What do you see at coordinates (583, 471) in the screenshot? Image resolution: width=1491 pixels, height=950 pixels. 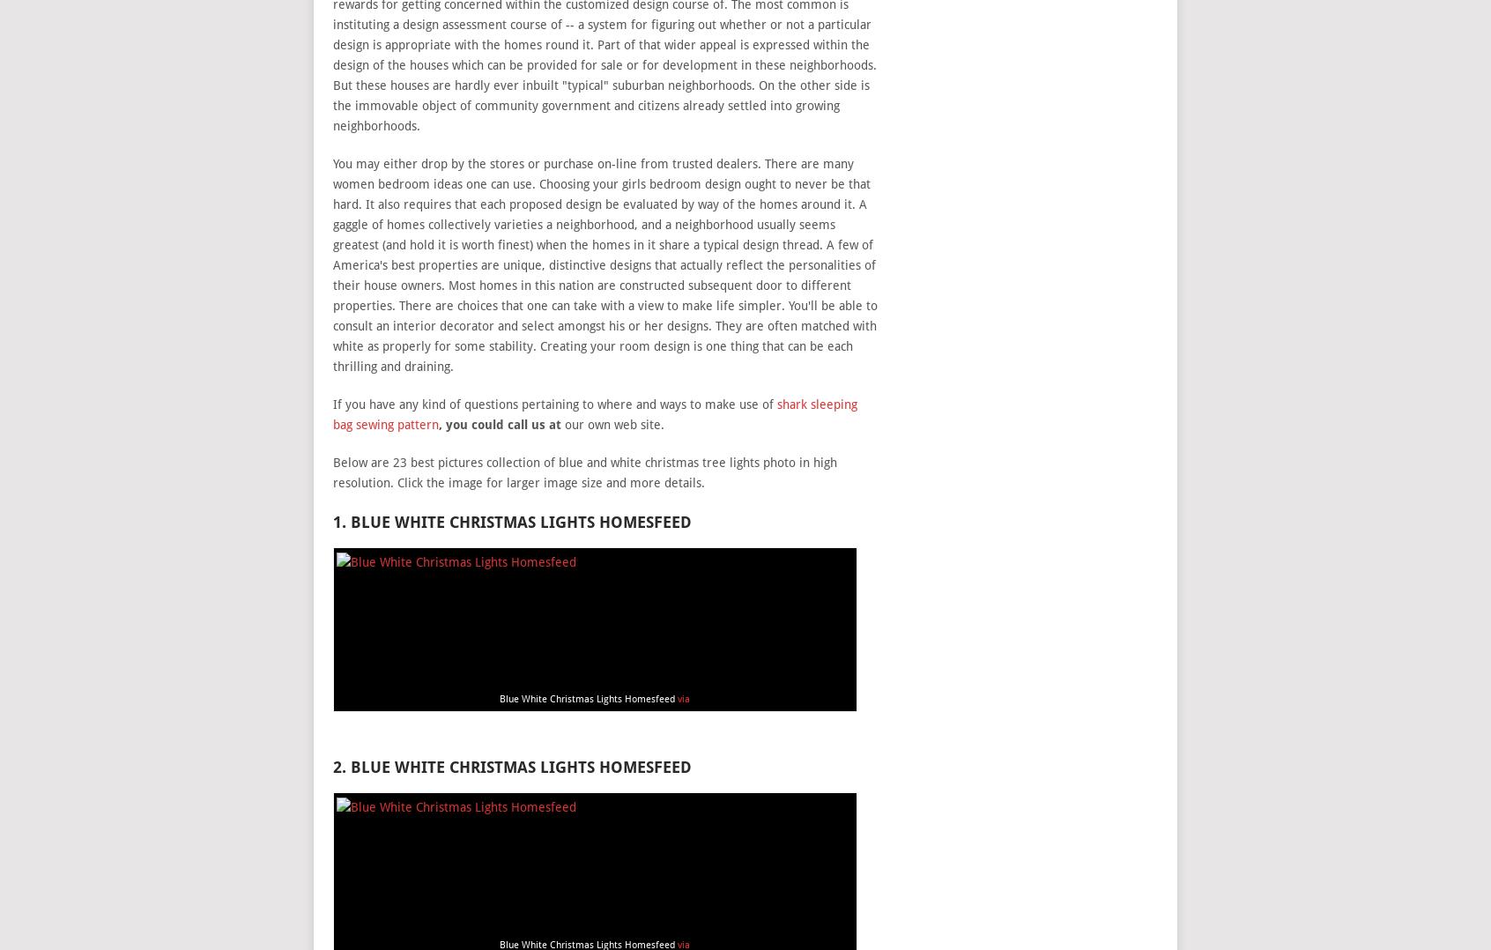 I see `'Below are  23 best pictures collection of blue and white christmas tree lights photo in high resolution. Click the image for larger image size and more details.'` at bounding box center [583, 471].